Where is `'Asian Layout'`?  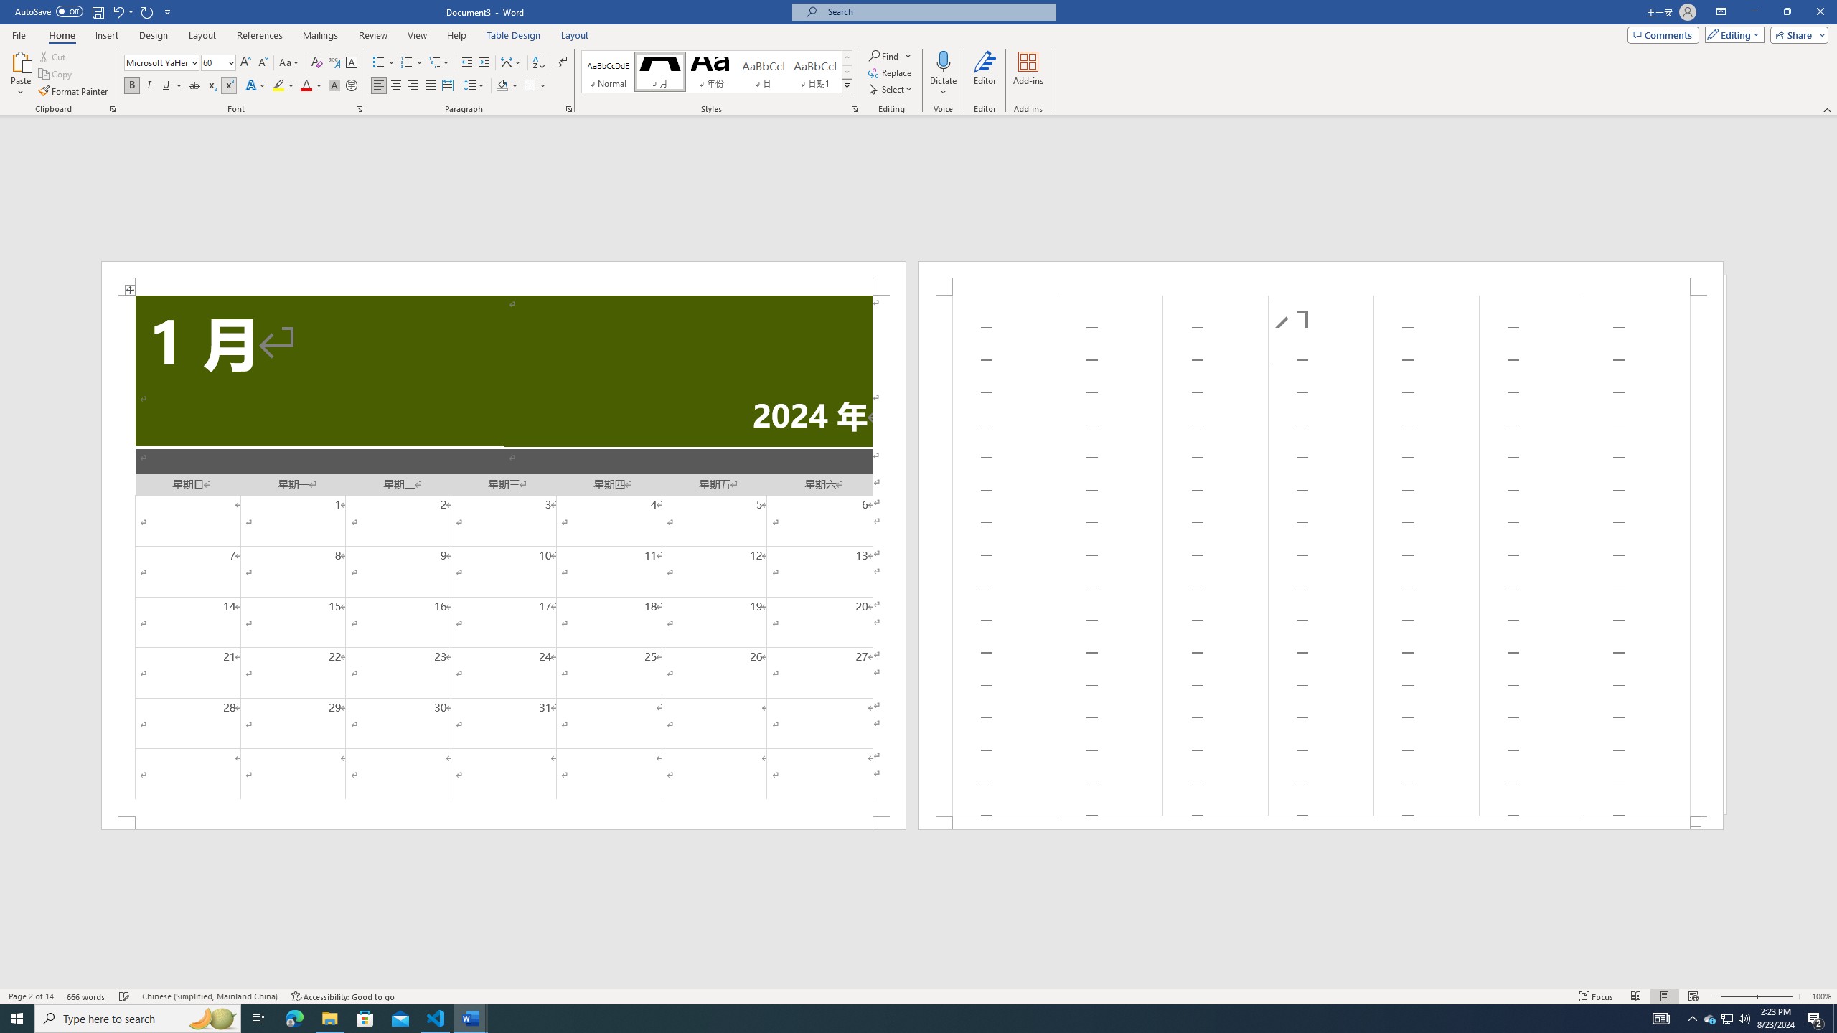 'Asian Layout' is located at coordinates (511, 62).